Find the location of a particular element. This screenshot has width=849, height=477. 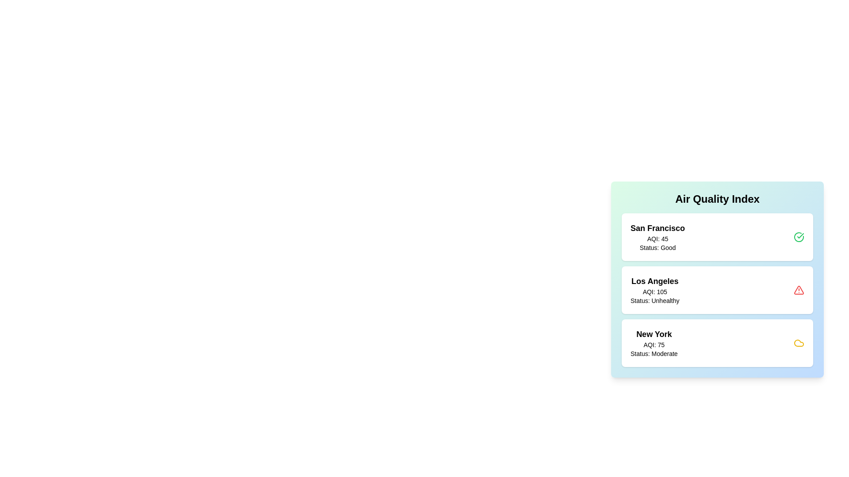

the status icon corresponding to Los Angeles is located at coordinates (799, 290).